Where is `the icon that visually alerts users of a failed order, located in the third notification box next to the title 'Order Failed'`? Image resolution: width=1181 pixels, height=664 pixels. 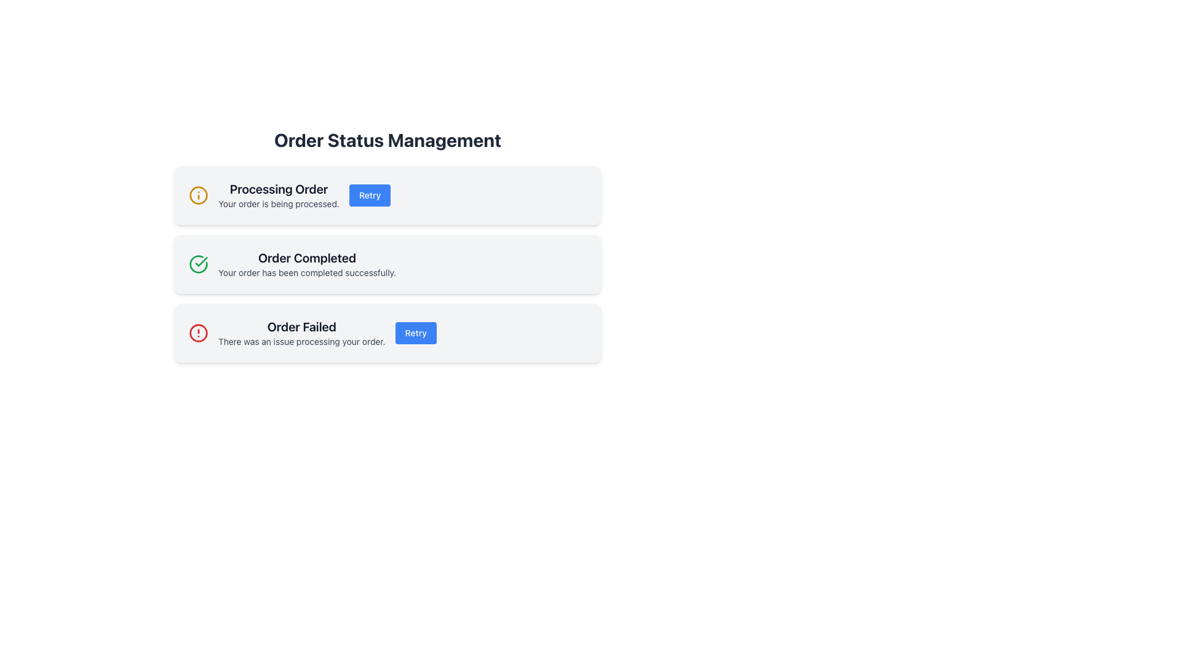 the icon that visually alerts users of a failed order, located in the third notification box next to the title 'Order Failed' is located at coordinates (198, 333).